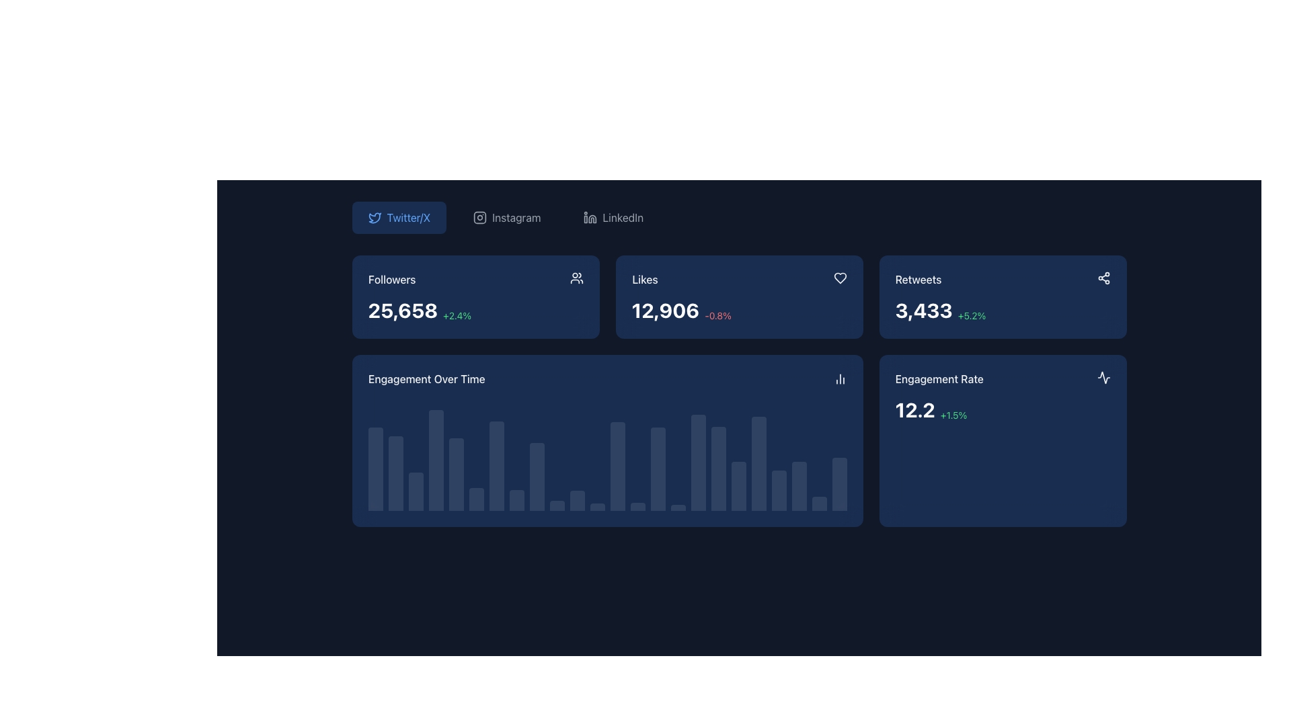 The width and height of the screenshot is (1291, 726). What do you see at coordinates (1103, 378) in the screenshot?
I see `the dark-themed icon located in the bottom-right corner card of the interface` at bounding box center [1103, 378].